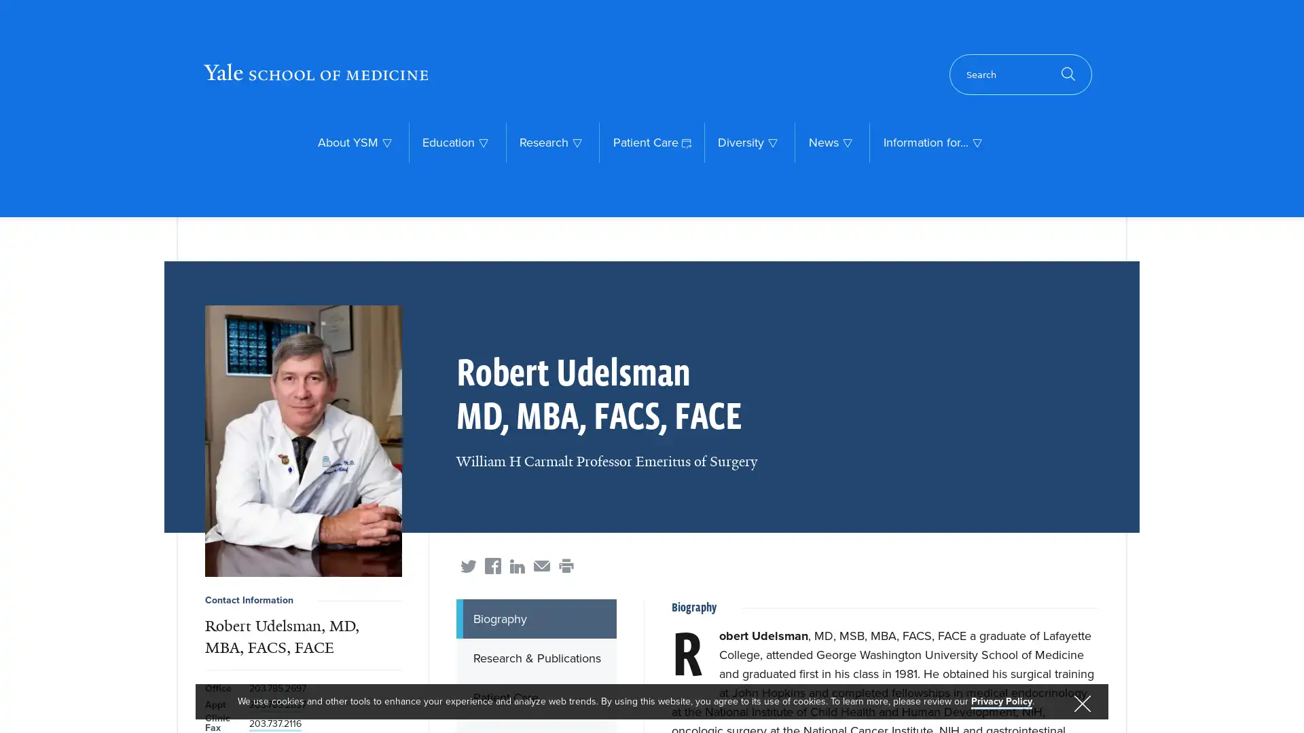 The height and width of the screenshot is (733, 1304). Describe the element at coordinates (386, 142) in the screenshot. I see `Show About YSM submenu` at that location.